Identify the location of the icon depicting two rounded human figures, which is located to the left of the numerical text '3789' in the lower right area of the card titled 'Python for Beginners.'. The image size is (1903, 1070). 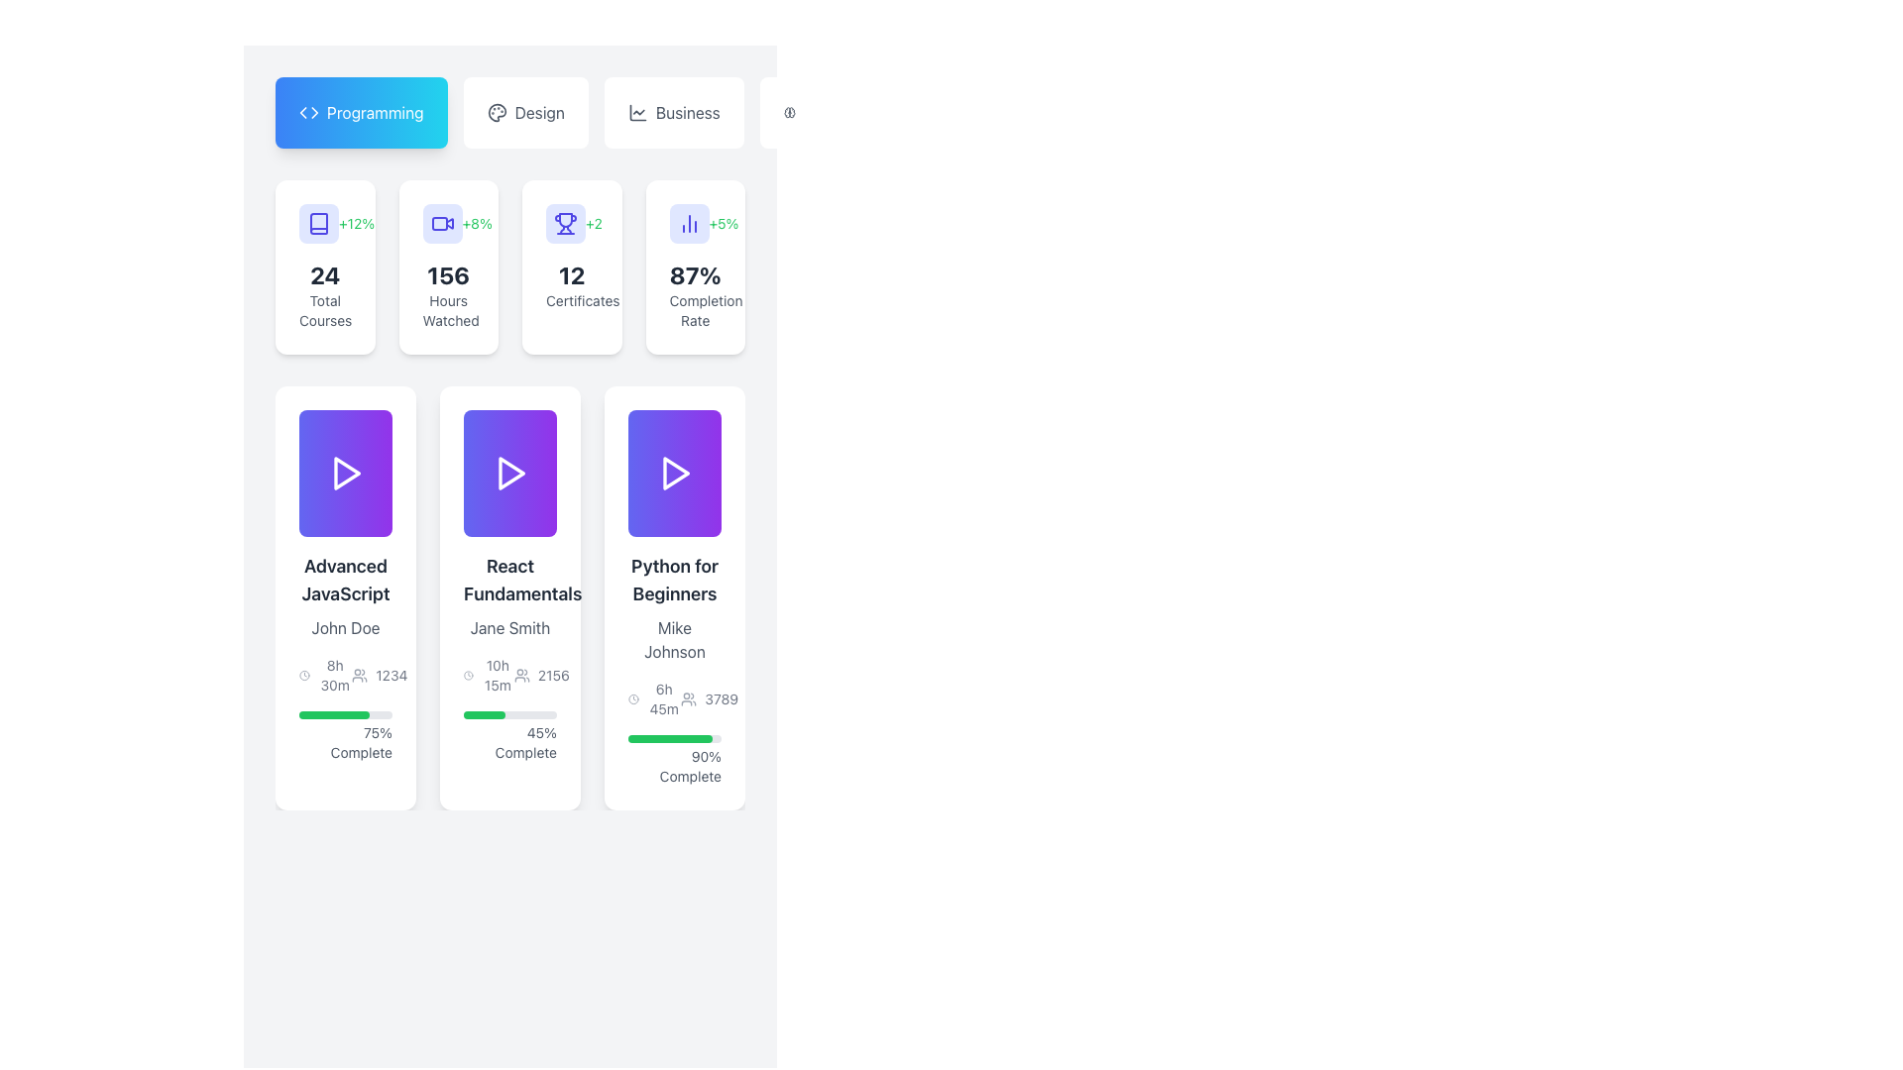
(689, 697).